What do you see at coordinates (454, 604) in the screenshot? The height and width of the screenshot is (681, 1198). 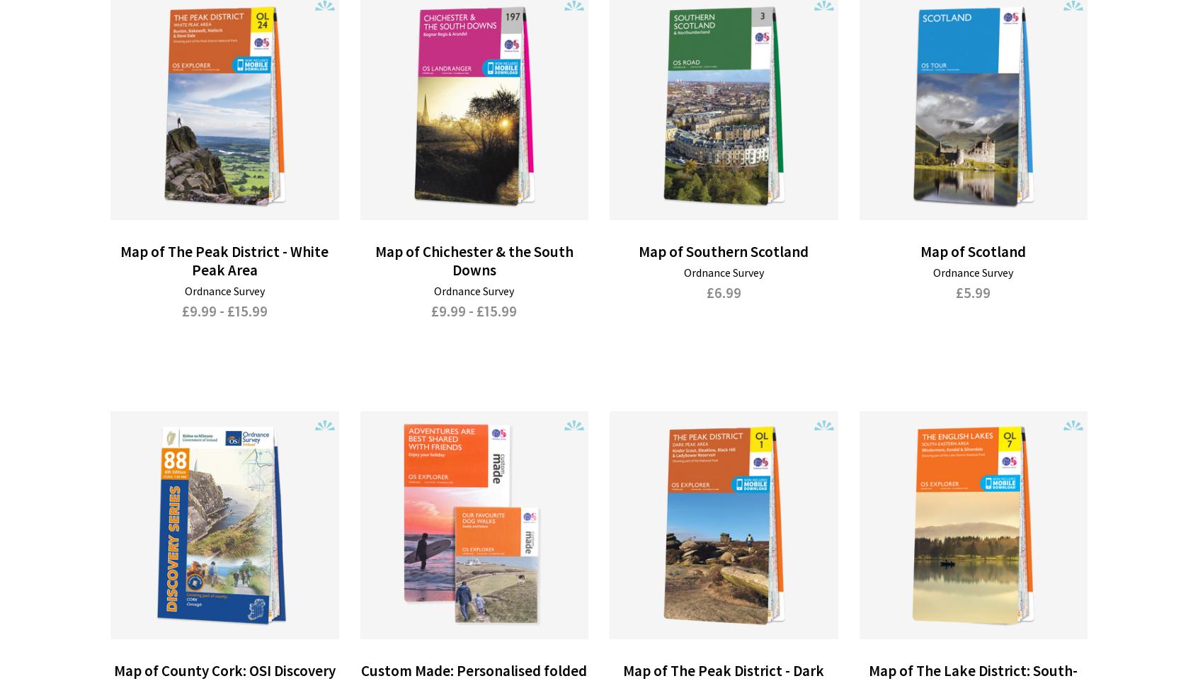 I see `'Product help and FAQs'` at bounding box center [454, 604].